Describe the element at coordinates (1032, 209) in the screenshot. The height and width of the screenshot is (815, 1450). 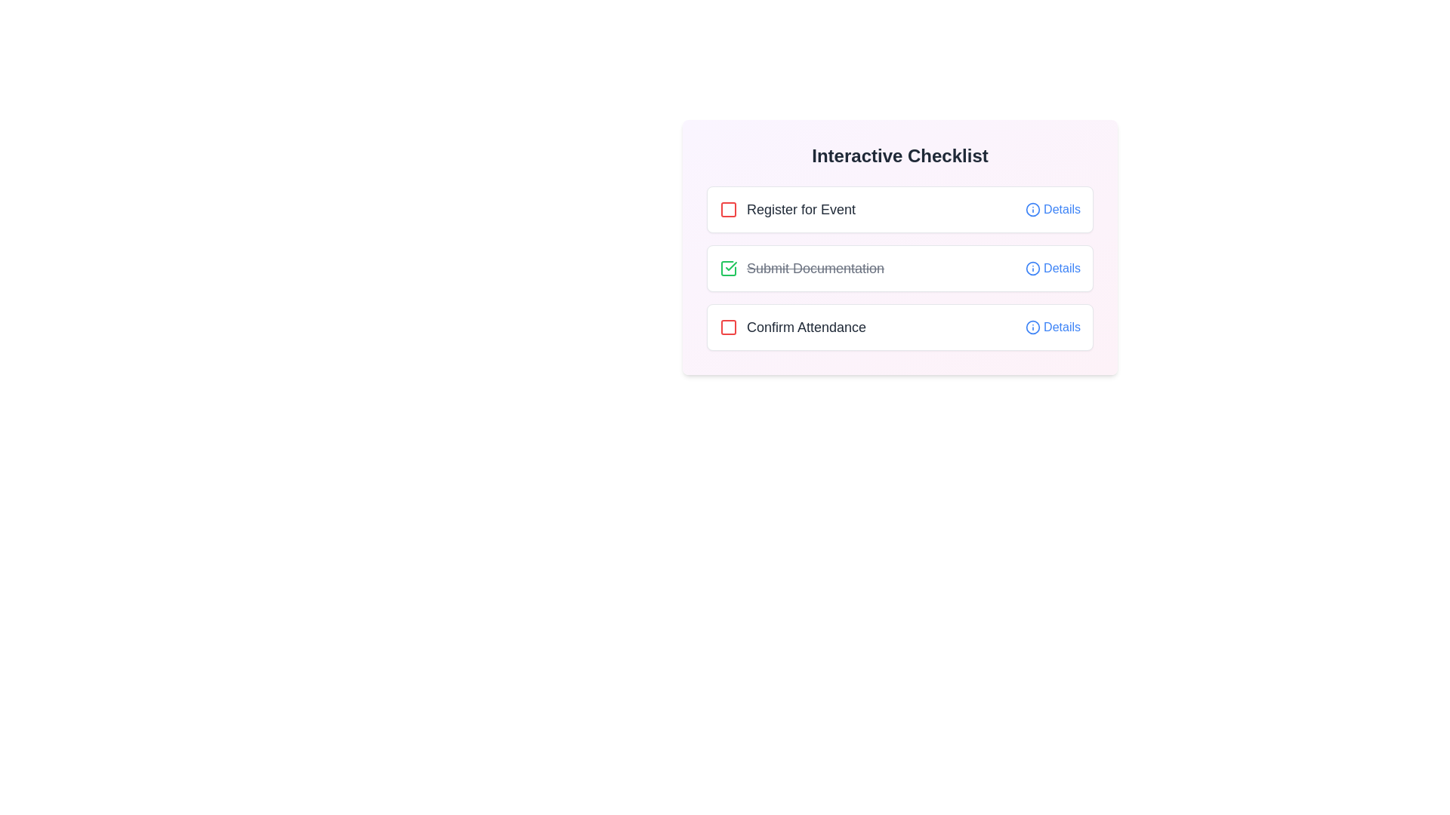
I see `the decorative icon representing additional information about the 'Register for Event' checklist item, located in the 'Details' link` at that location.